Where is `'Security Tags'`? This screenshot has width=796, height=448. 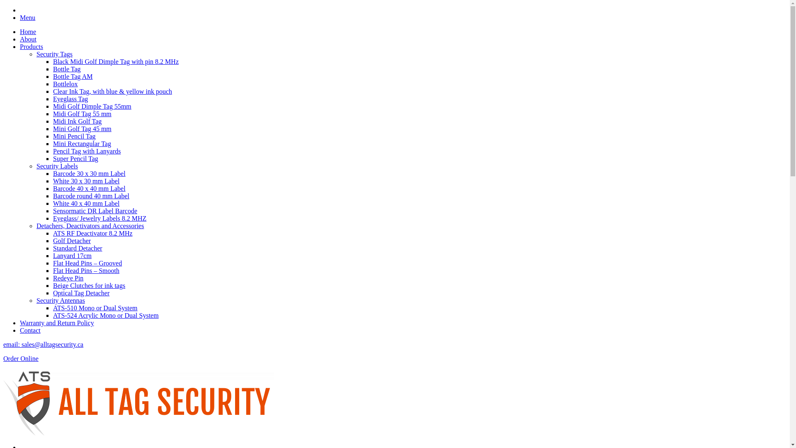
'Security Tags' is located at coordinates (54, 54).